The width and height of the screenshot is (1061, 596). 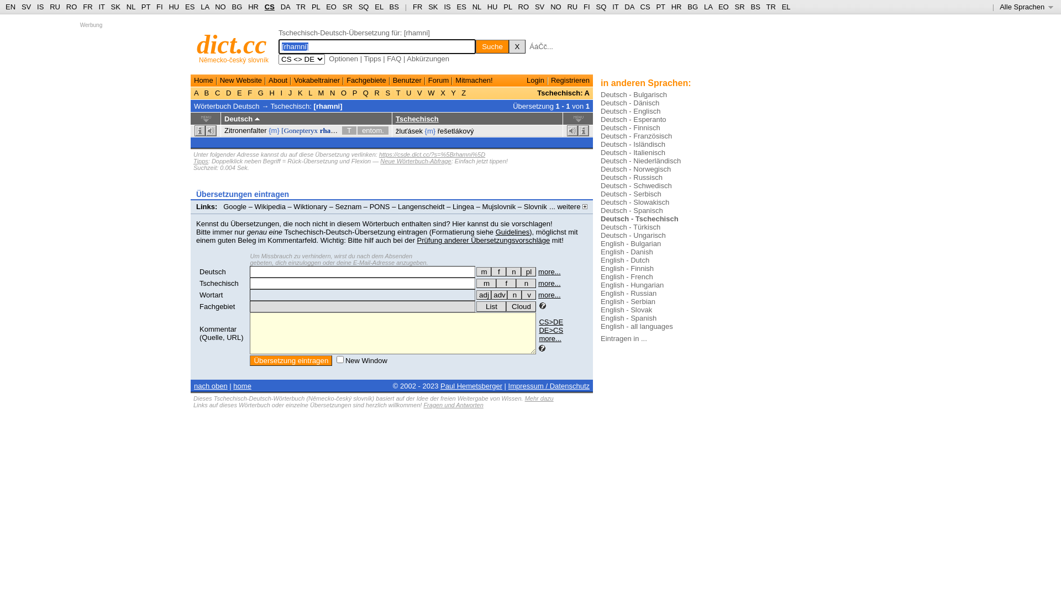 What do you see at coordinates (211, 385) in the screenshot?
I see `'nach oben'` at bounding box center [211, 385].